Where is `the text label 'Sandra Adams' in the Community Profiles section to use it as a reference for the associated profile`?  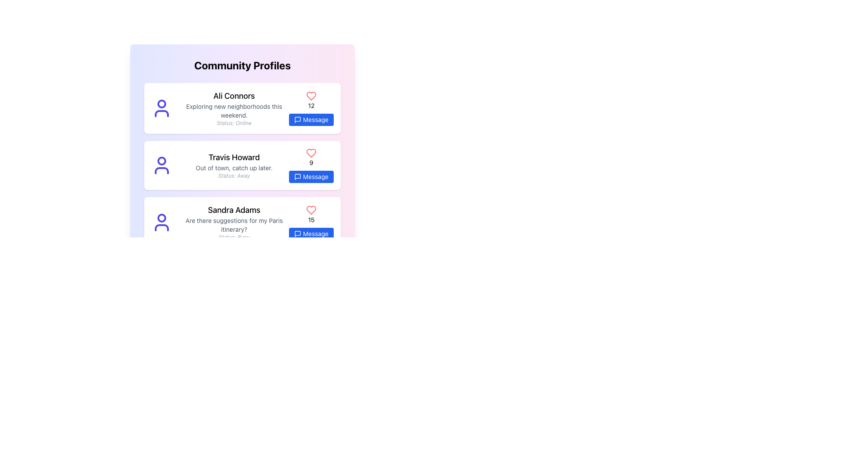
the text label 'Sandra Adams' in the Community Profiles section to use it as a reference for the associated profile is located at coordinates (234, 210).